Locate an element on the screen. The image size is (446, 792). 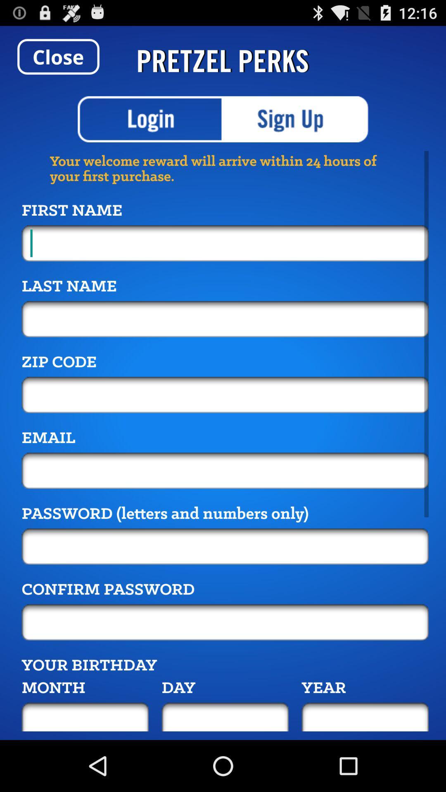
last name is located at coordinates (225, 318).